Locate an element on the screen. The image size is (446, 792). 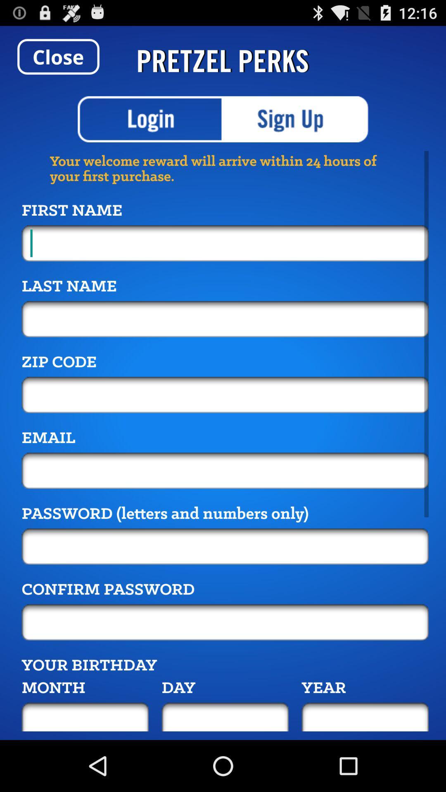
last name is located at coordinates (225, 318).